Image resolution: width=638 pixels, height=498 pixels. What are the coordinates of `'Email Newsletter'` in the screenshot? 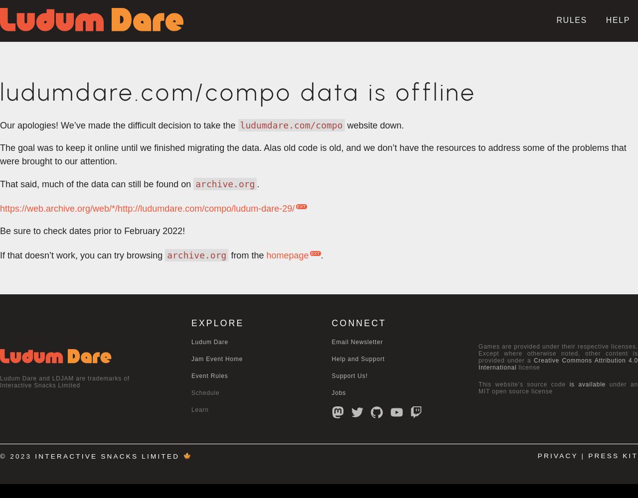 It's located at (357, 342).